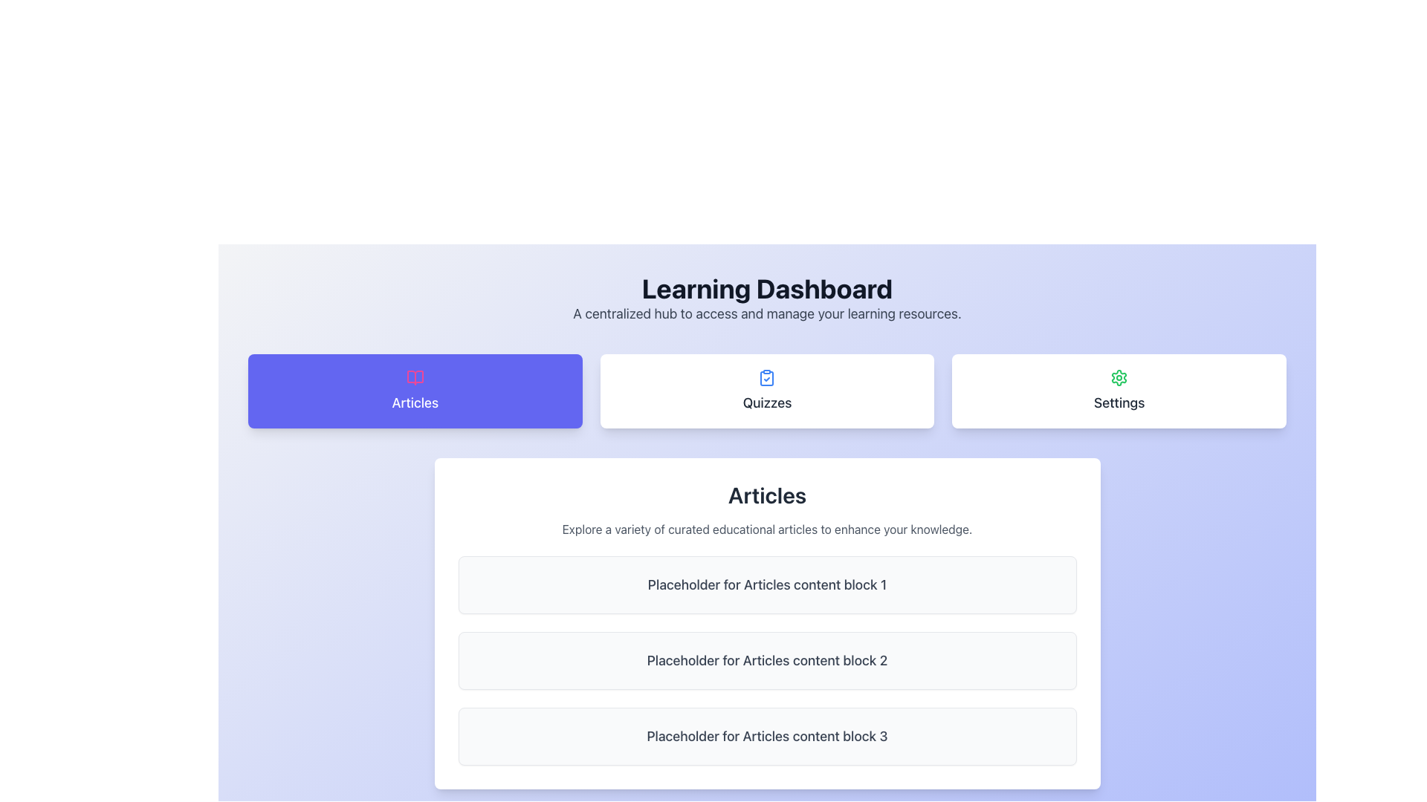  Describe the element at coordinates (767, 584) in the screenshot. I see `the first label in the list with light gray background and medium gray text that reads 'Placeholder for Articles content block 1', located below the 'Articles' header` at that location.